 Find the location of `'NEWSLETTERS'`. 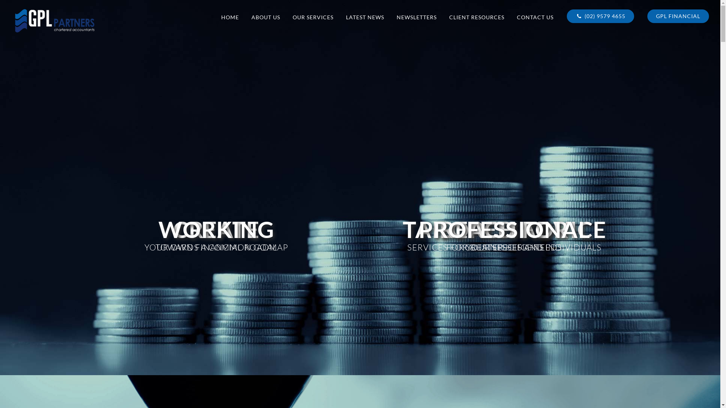

'NEWSLETTERS' is located at coordinates (416, 17).